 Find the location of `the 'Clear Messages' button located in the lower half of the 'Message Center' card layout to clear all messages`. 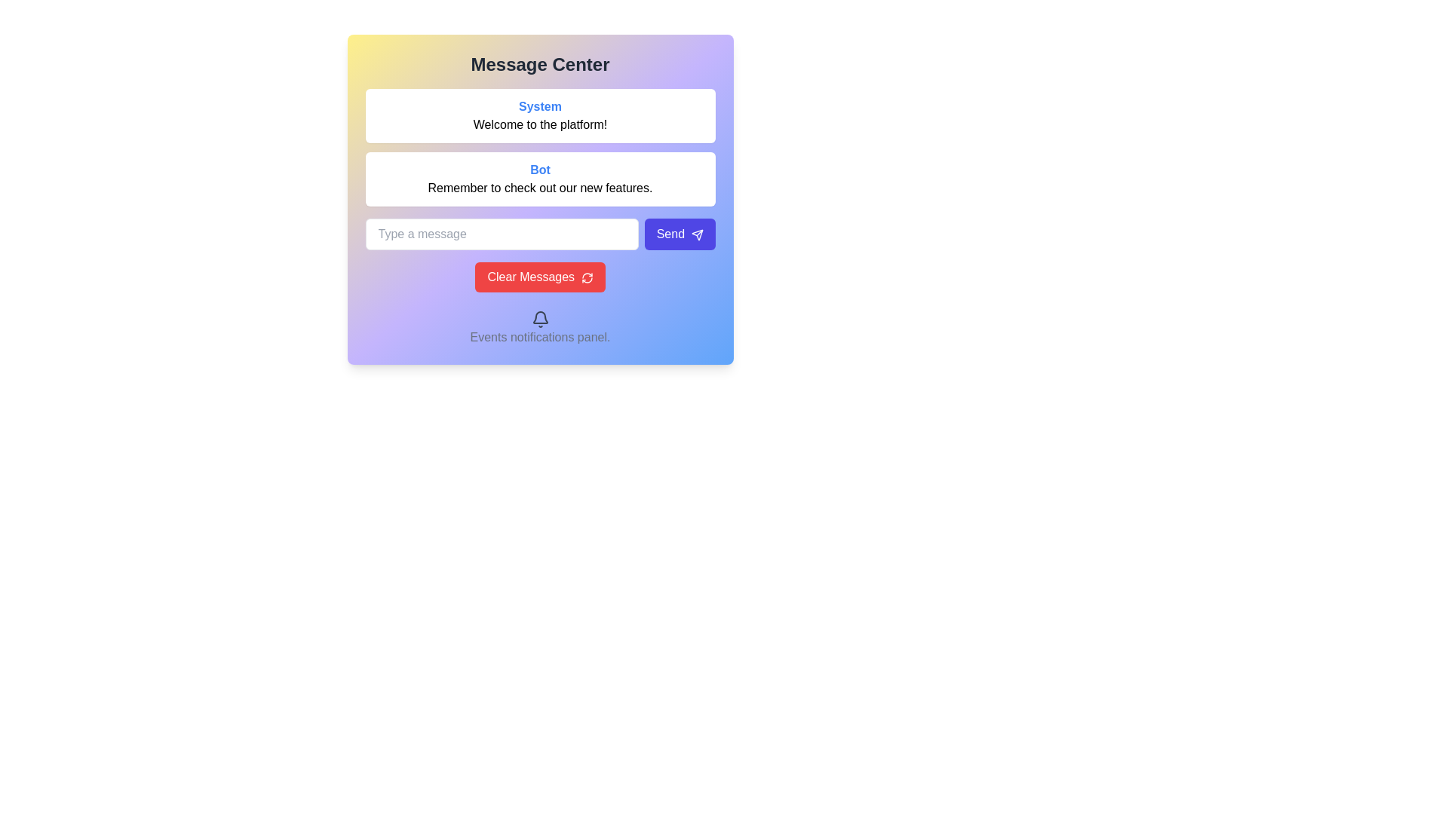

the 'Clear Messages' button located in the lower half of the 'Message Center' card layout to clear all messages is located at coordinates (540, 277).